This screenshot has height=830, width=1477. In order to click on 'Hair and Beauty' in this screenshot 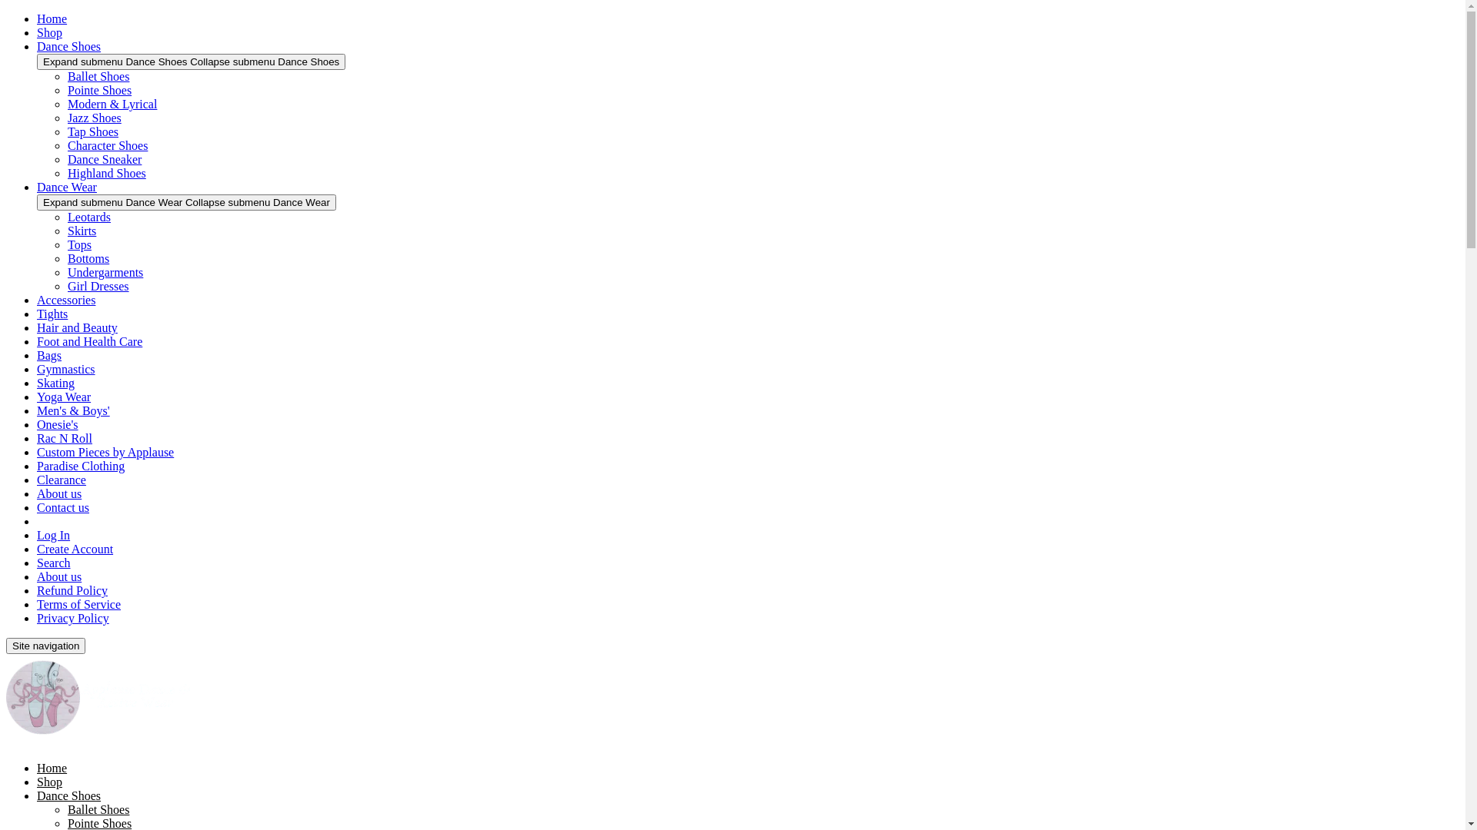, I will do `click(76, 327)`.